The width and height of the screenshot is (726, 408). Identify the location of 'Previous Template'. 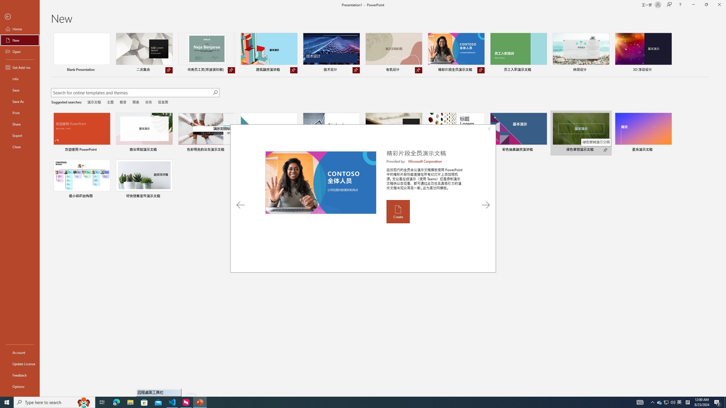
(240, 205).